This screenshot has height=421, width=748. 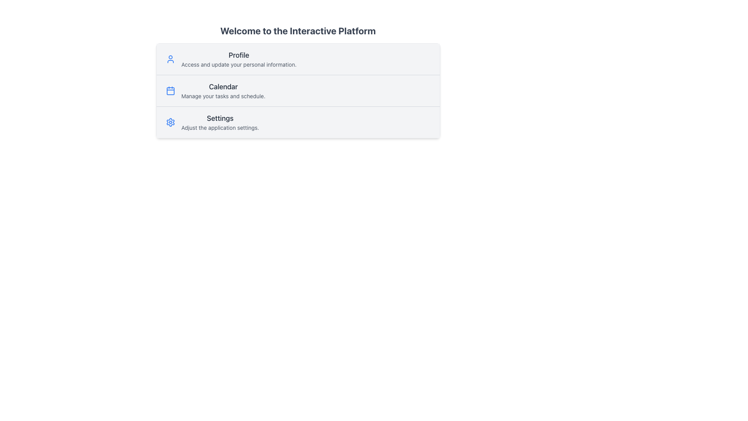 What do you see at coordinates (223, 87) in the screenshot?
I see `the text element displaying 'Calendar' in bold, dark gray font, centrally located within a card section` at bounding box center [223, 87].